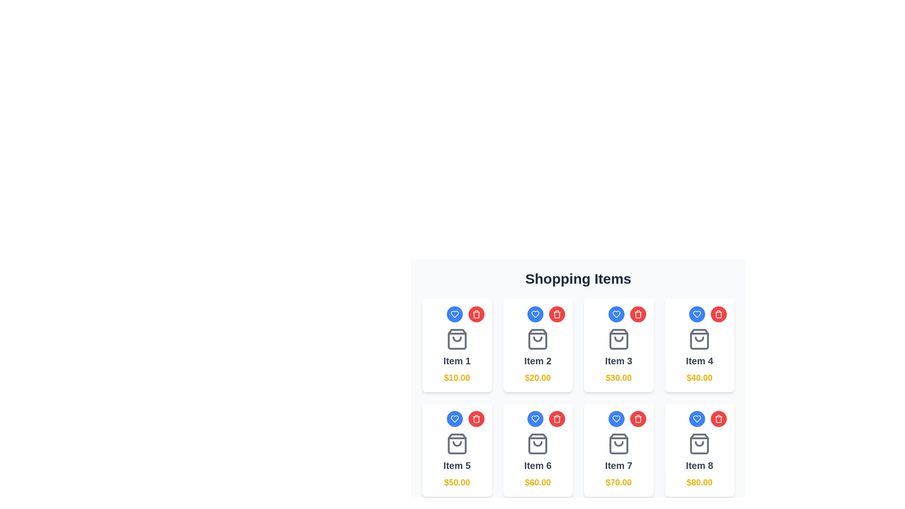 This screenshot has height=509, width=905. I want to click on the third card in the grid layout, which features a white background, rounded corners, and a centered shopping bag icon, so click(618, 345).